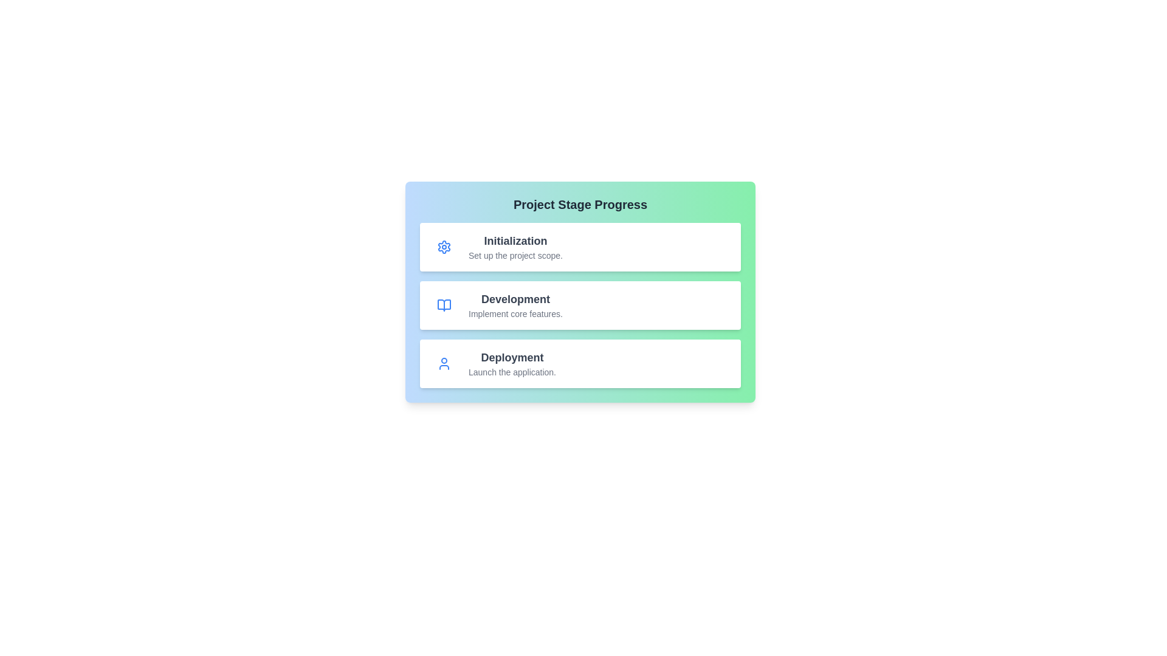 This screenshot has height=656, width=1167. I want to click on text from the Text block labeled 'Deployment' which contains the heading and subtitle, positioned as the third entry in a vertical list, so click(512, 363).